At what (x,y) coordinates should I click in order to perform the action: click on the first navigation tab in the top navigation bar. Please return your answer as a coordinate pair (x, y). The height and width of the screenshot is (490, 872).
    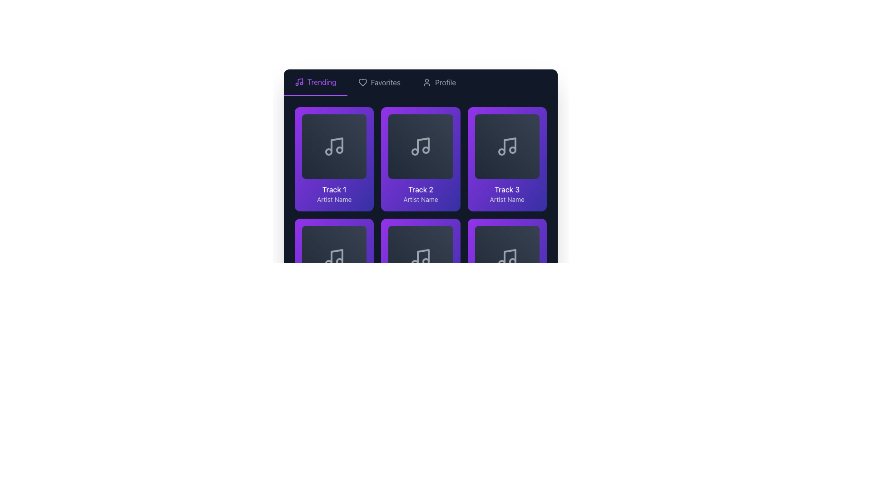
    Looking at the image, I should click on (315, 82).